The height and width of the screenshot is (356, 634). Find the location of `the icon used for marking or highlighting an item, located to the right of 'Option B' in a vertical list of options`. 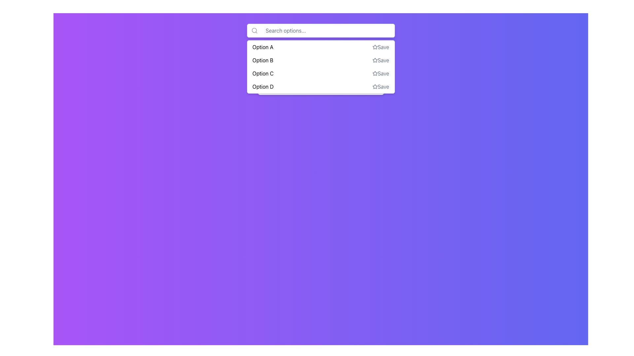

the icon used for marking or highlighting an item, located to the right of 'Option B' in a vertical list of options is located at coordinates (375, 60).